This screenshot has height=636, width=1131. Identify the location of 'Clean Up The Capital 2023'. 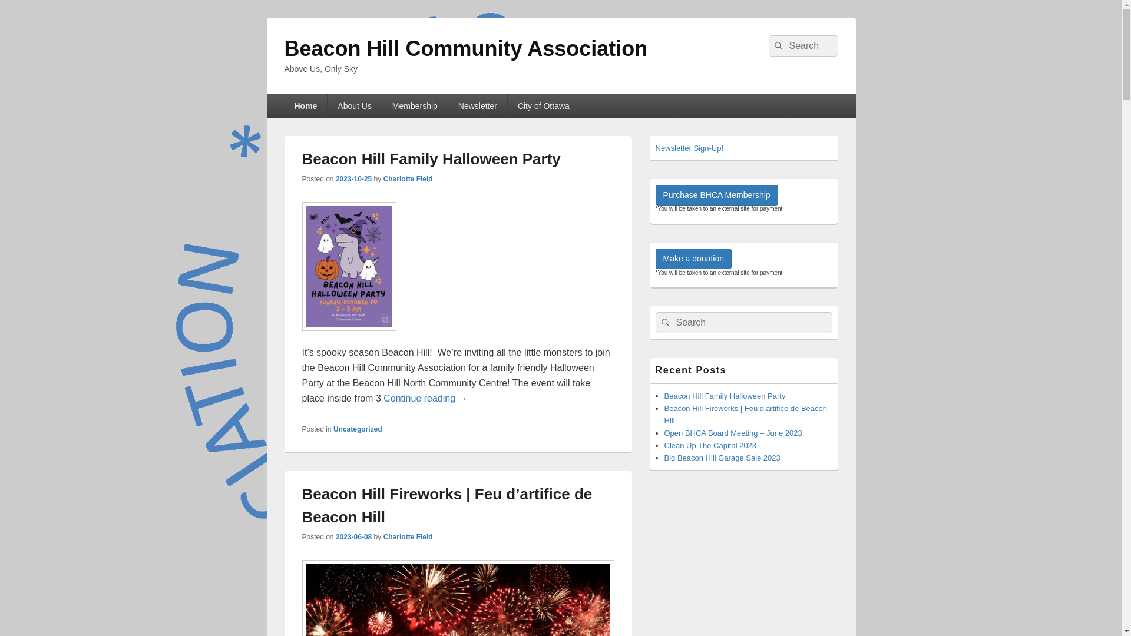
(710, 445).